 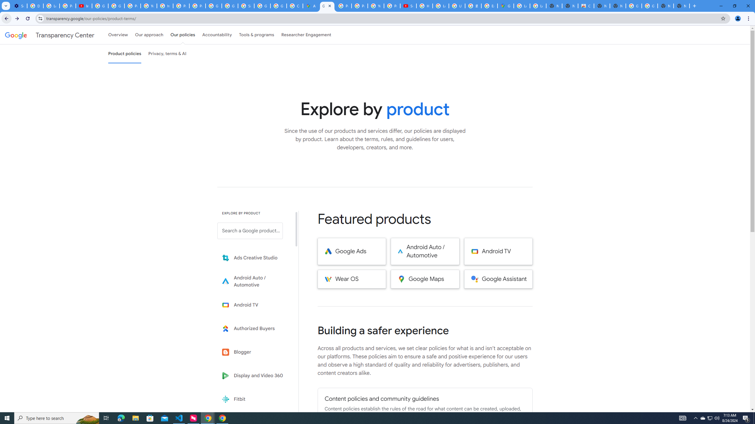 What do you see at coordinates (294, 6) in the screenshot?
I see `'Create your Google Account'` at bounding box center [294, 6].